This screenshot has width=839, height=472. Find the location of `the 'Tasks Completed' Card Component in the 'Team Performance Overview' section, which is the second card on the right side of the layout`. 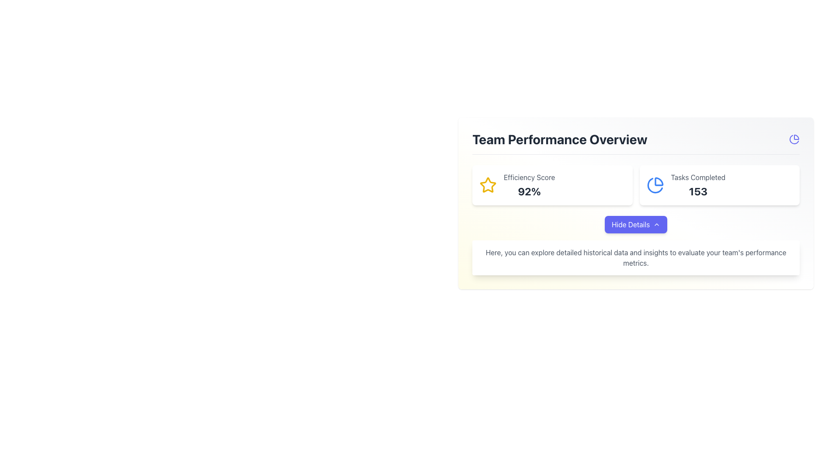

the 'Tasks Completed' Card Component in the 'Team Performance Overview' section, which is the second card on the right side of the layout is located at coordinates (719, 185).